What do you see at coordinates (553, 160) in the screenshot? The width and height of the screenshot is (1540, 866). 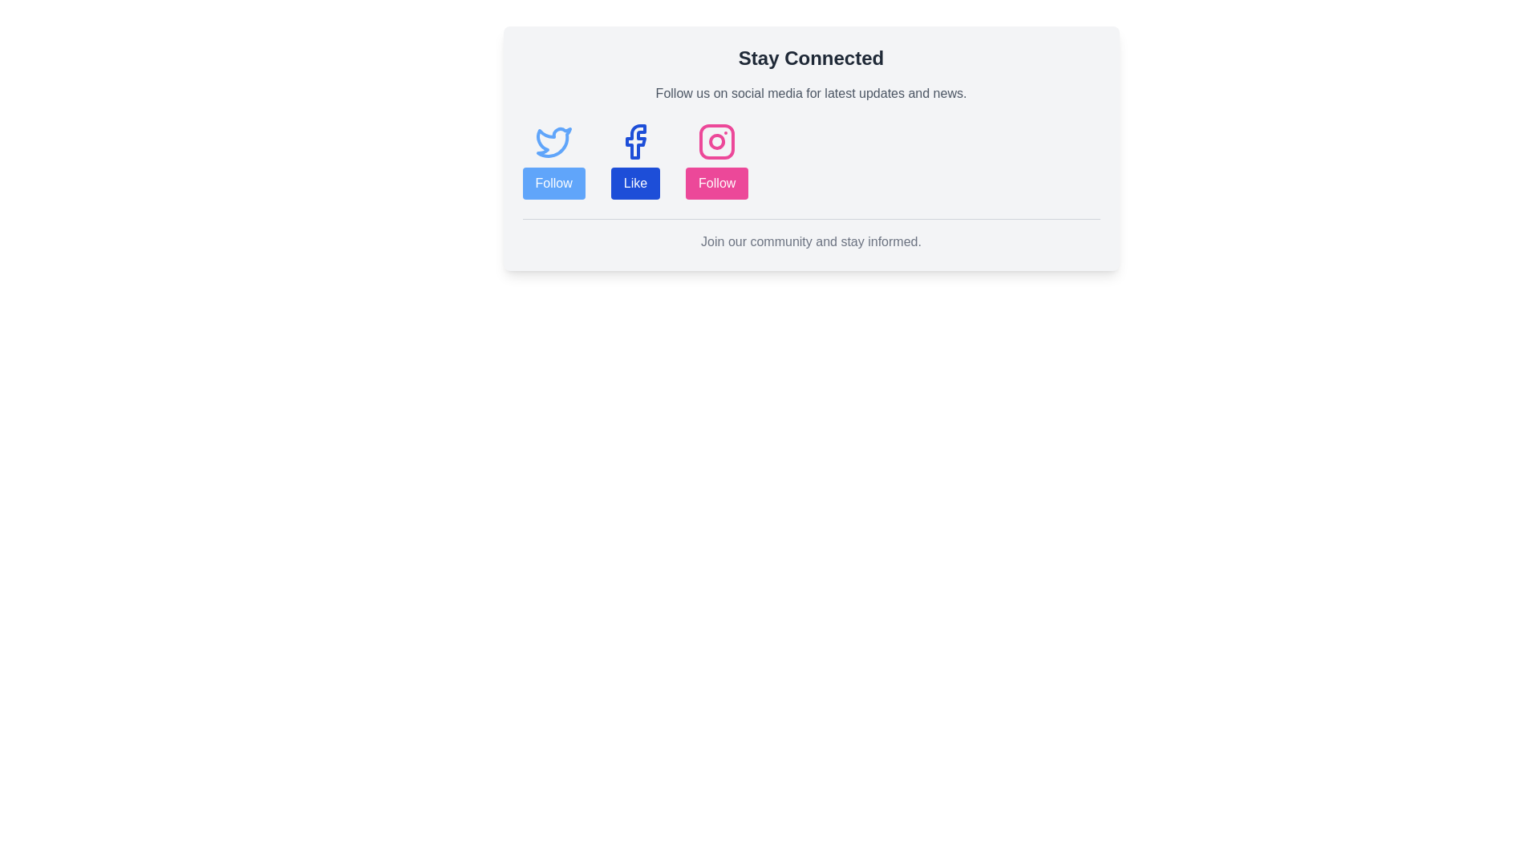 I see `the Interactive Button with Icon labeled 'Follow' that features a Twitter bird icon` at bounding box center [553, 160].